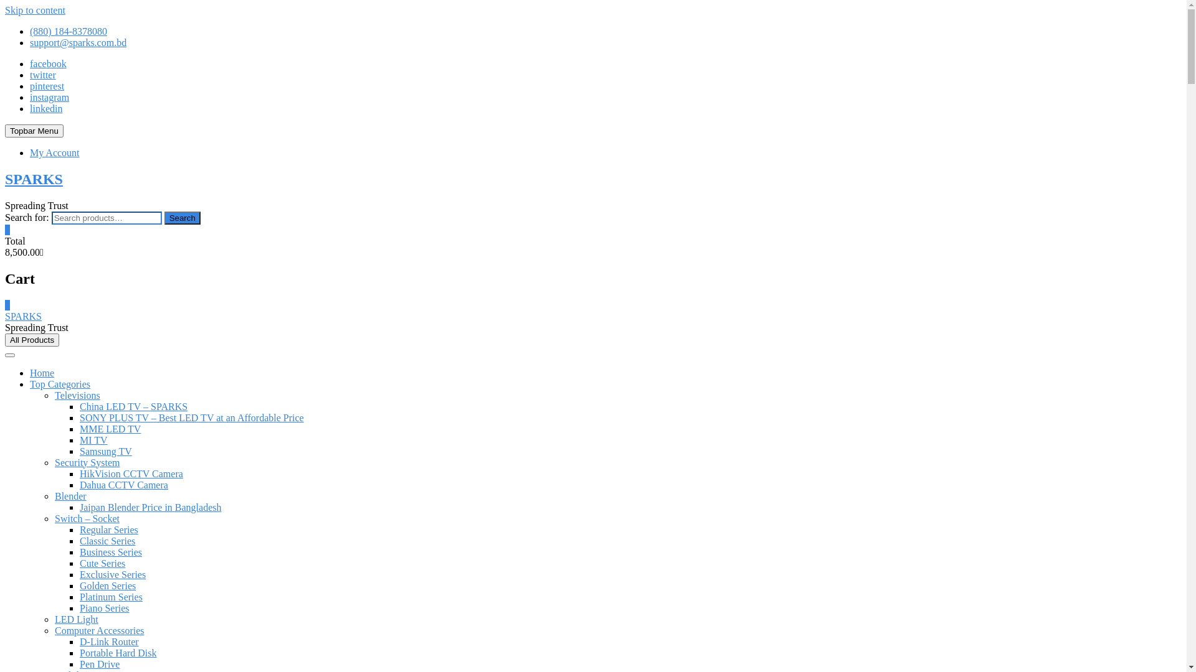  Describe the element at coordinates (5, 230) in the screenshot. I see `'1'` at that location.